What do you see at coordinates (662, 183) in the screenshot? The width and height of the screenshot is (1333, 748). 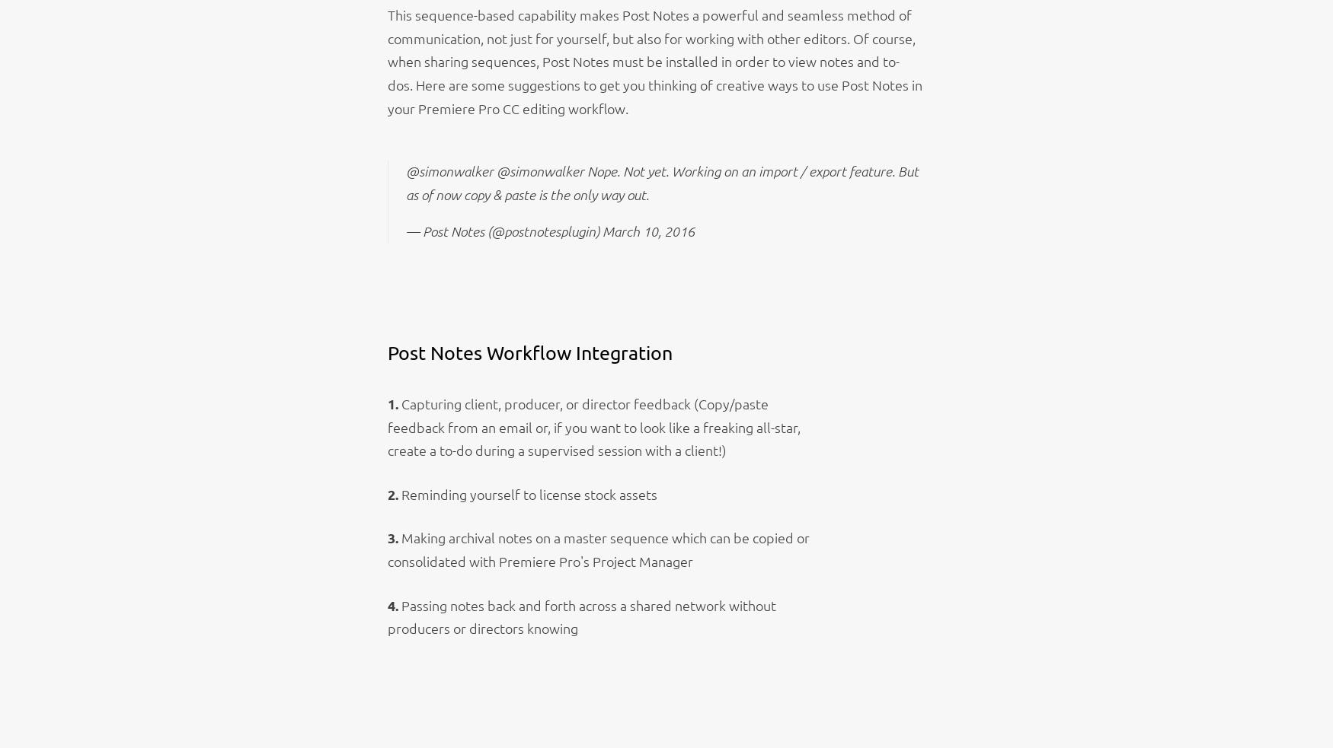 I see `'Nope. Not yet. Working on an import / export feature. But as of now copy & paste is the only way out.'` at bounding box center [662, 183].